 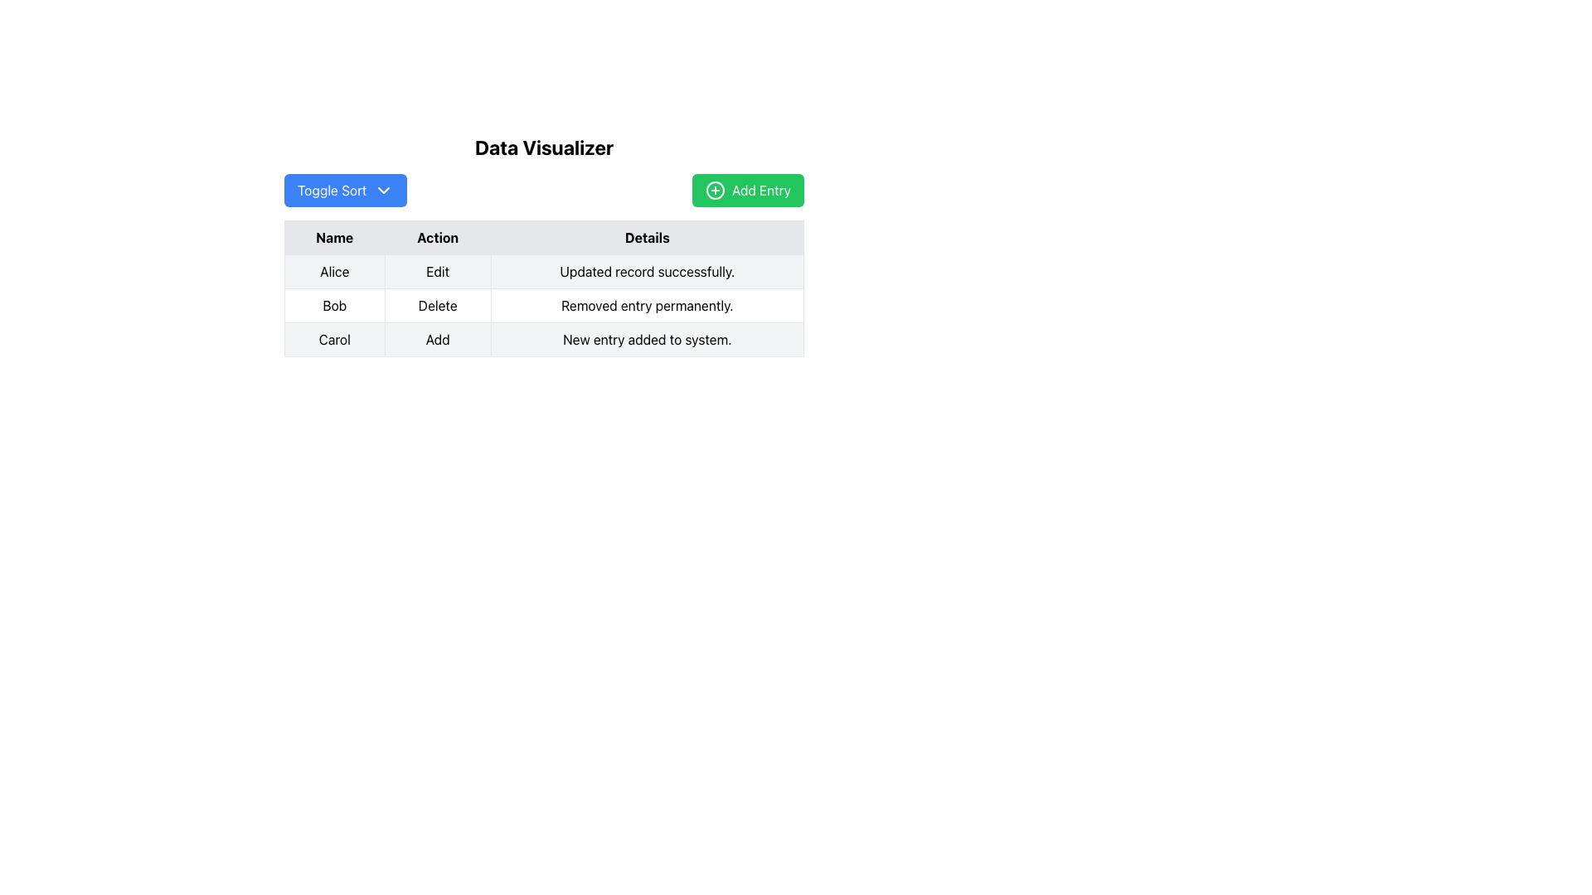 What do you see at coordinates (333, 270) in the screenshot?
I see `the table cell displaying the text 'Alice' in a bold font, located in the first row and first column of a three-column table` at bounding box center [333, 270].